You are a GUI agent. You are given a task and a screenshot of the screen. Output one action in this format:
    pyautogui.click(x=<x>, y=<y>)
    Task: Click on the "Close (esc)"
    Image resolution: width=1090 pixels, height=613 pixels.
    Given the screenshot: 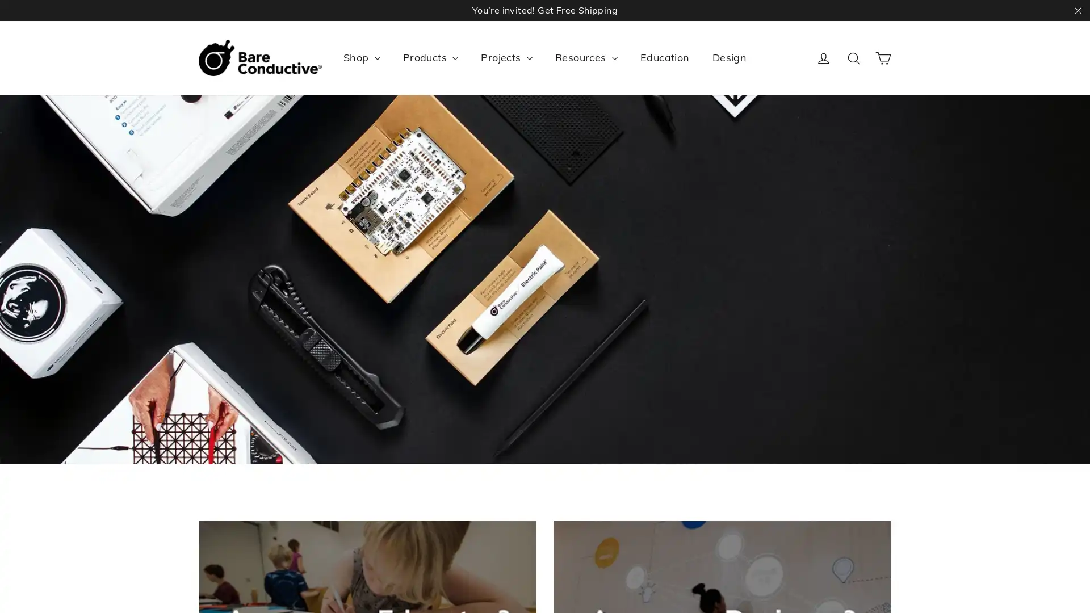 What is the action you would take?
    pyautogui.click(x=697, y=225)
    